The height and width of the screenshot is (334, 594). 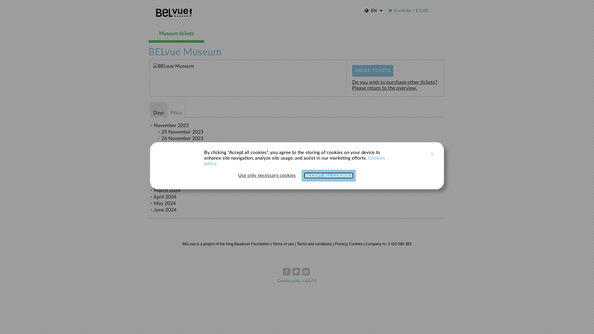 I want to click on '+', so click(x=159, y=151).